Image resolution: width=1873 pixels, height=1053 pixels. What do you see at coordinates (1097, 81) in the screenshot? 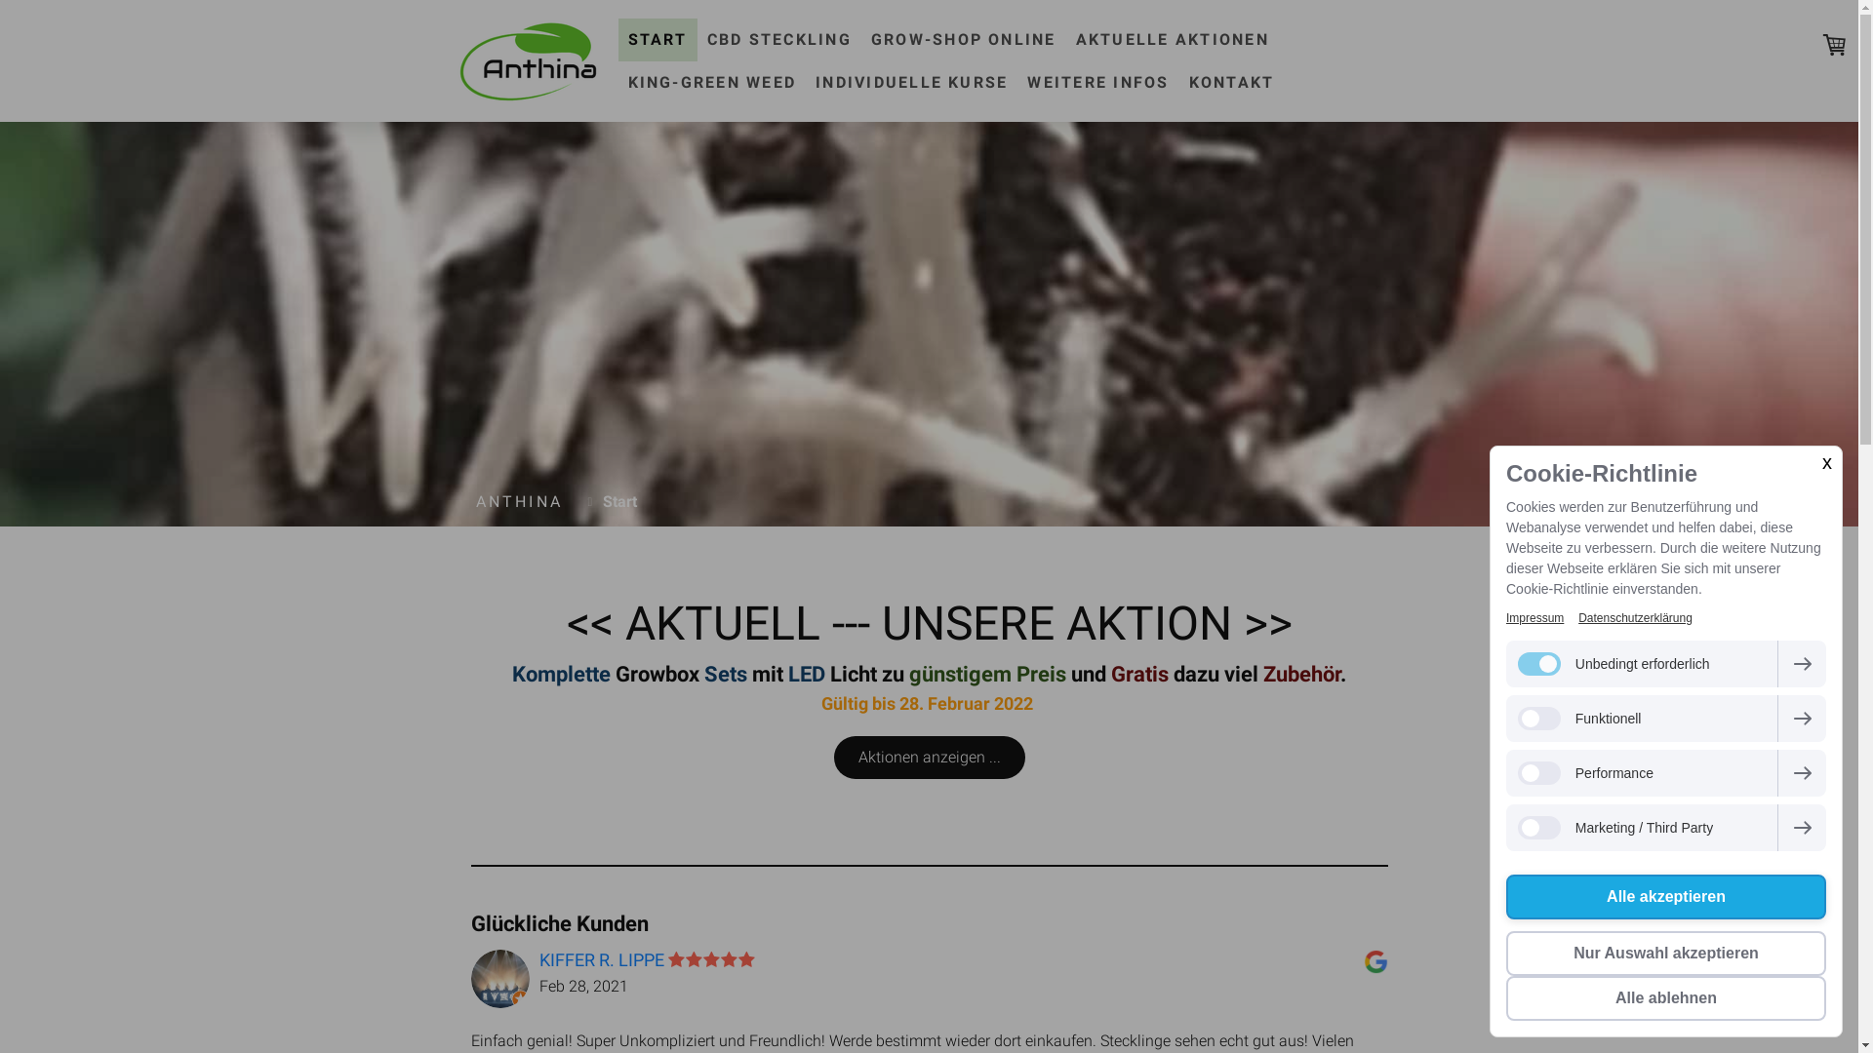
I see `'WEITERE INFOS'` at bounding box center [1097, 81].